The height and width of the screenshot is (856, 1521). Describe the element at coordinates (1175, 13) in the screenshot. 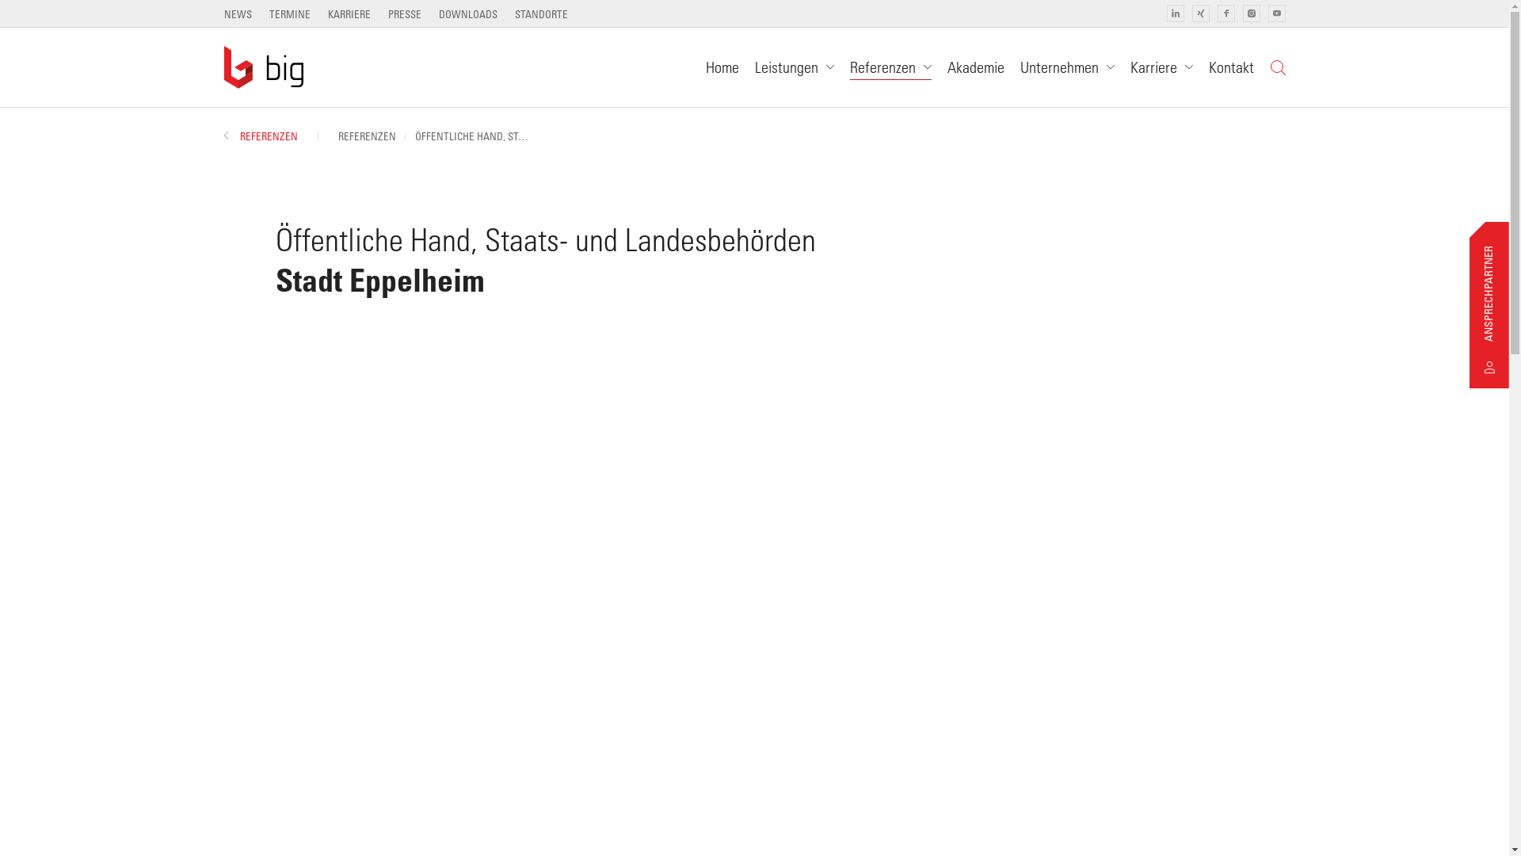

I see `'LinkedIn'` at that location.